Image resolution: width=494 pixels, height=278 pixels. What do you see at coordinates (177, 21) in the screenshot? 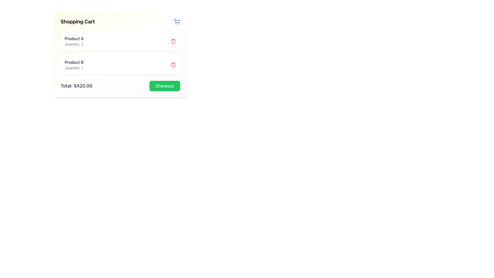
I see `the blue curved frame of the shopping cart icon located at the top-right of the 'Shopping Cart' interface` at bounding box center [177, 21].